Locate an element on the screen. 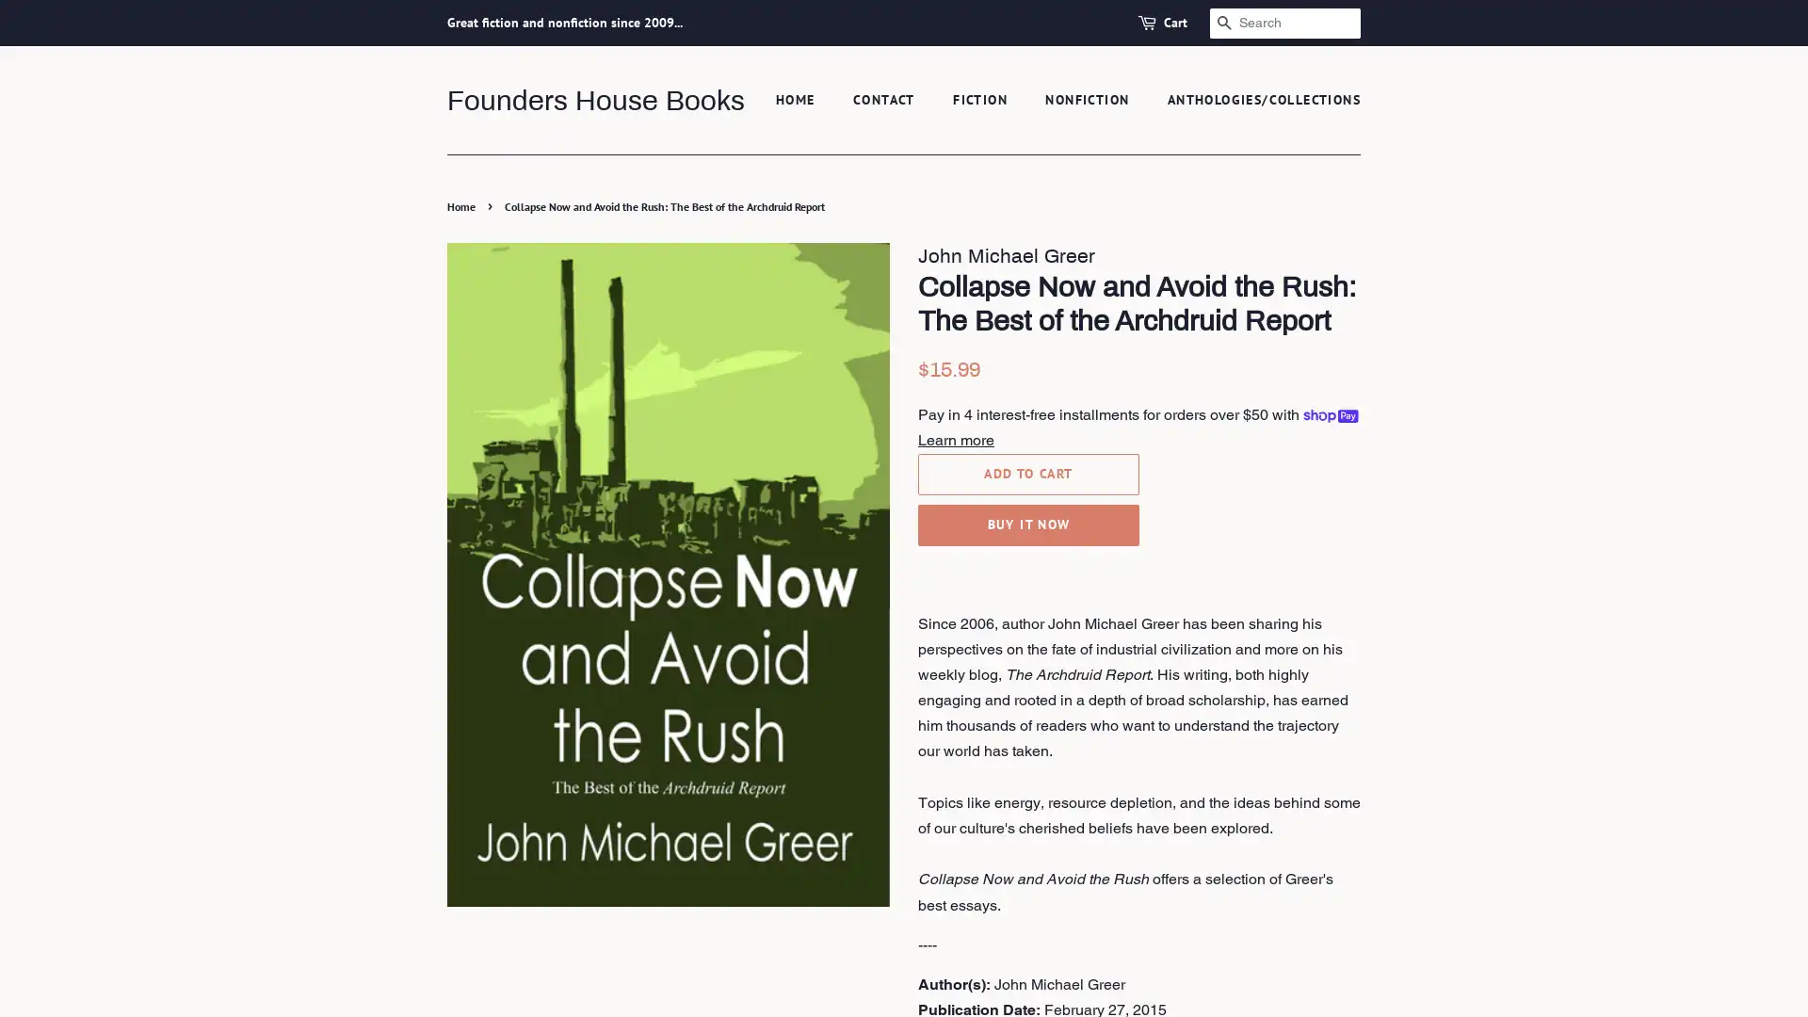 The width and height of the screenshot is (1808, 1017). ADD TO CART is located at coordinates (1027, 472).